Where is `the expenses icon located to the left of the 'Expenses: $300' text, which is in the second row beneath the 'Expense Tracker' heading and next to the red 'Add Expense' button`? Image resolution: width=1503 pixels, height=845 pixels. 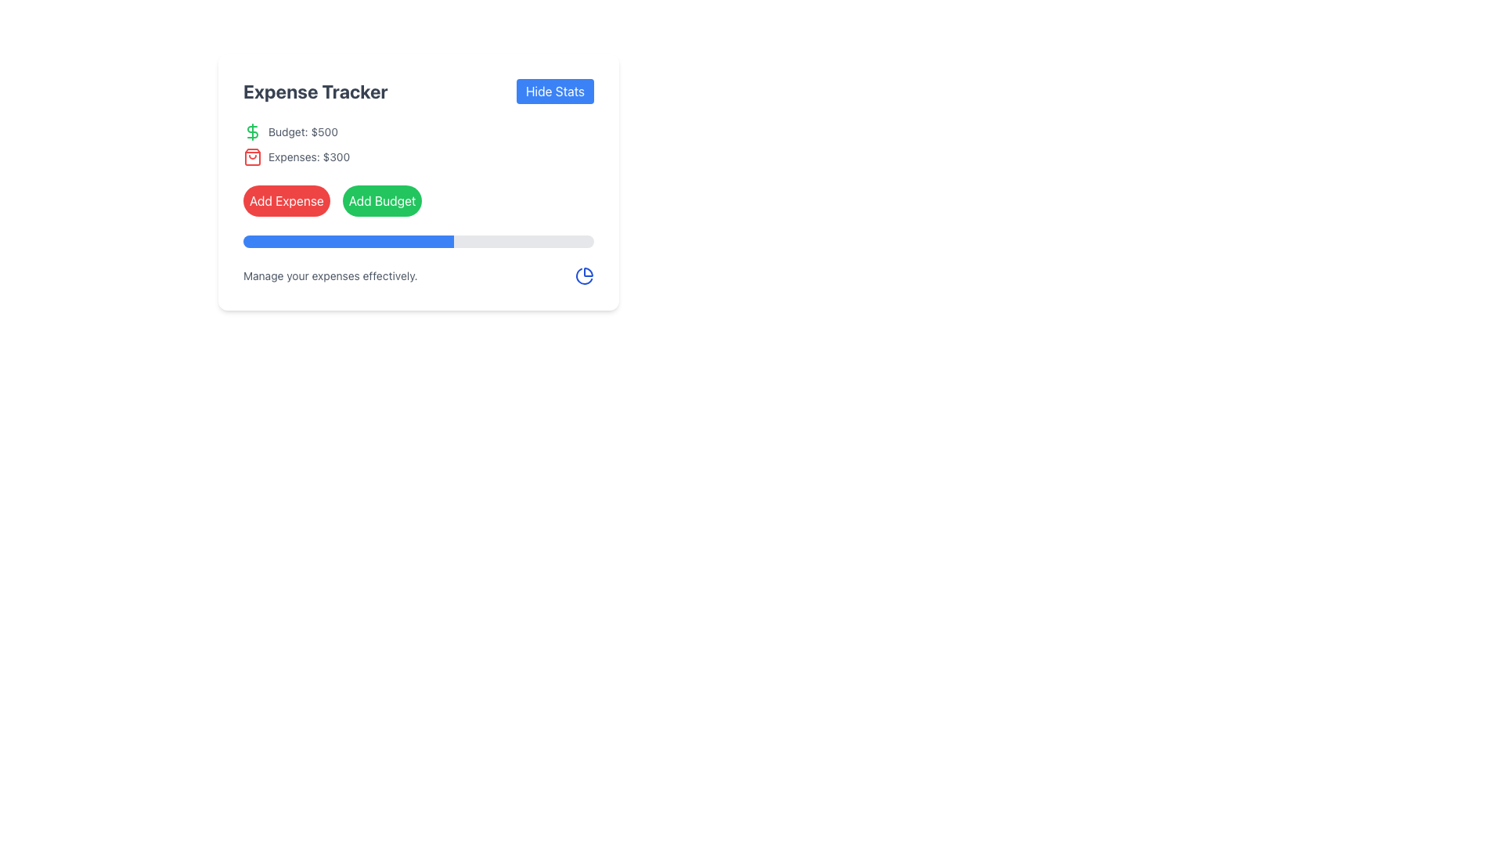
the expenses icon located to the left of the 'Expenses: $300' text, which is in the second row beneath the 'Expense Tracker' heading and next to the red 'Add Expense' button is located at coordinates (252, 156).